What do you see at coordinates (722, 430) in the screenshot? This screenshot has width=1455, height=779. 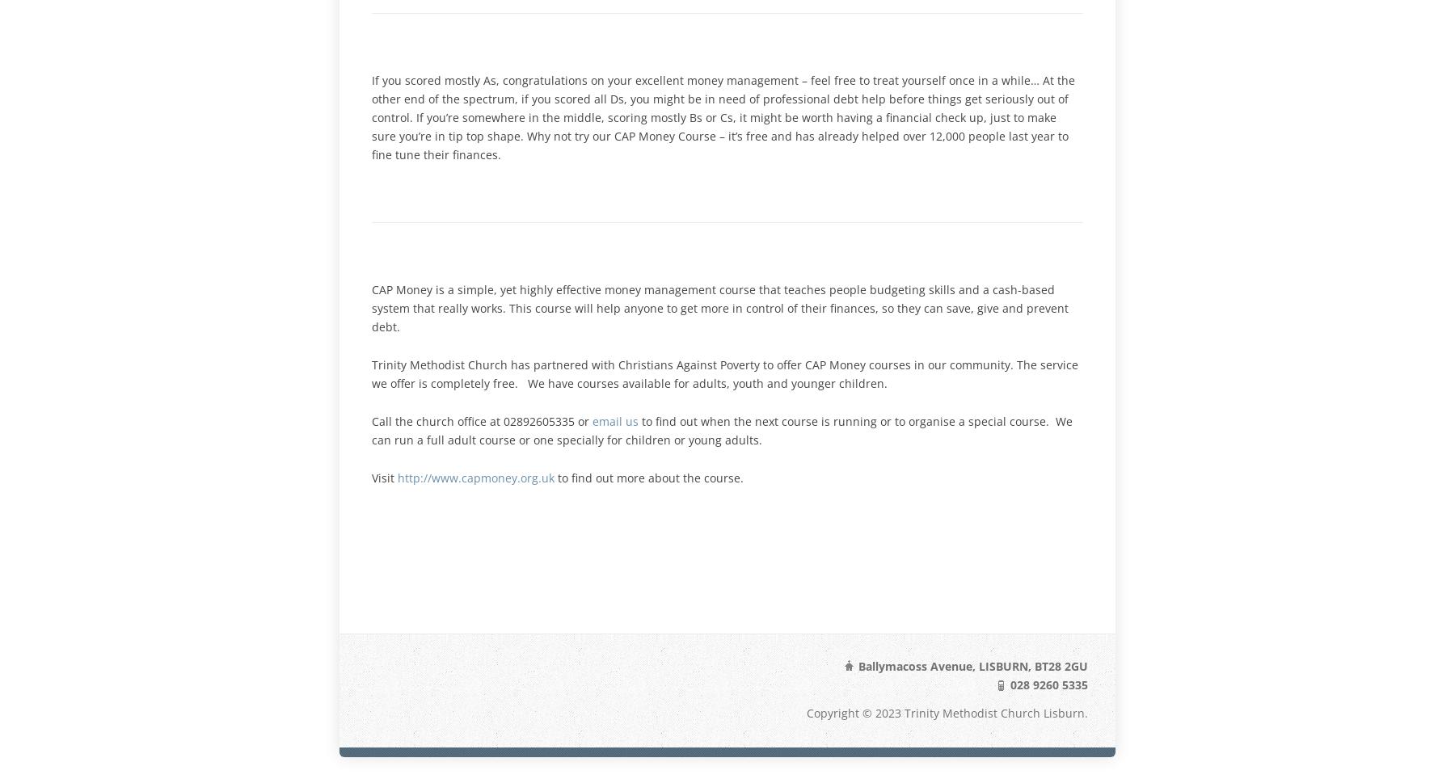 I see `'to find out when the next course is running or to organise a special course.  We can run a full adult course or one specially for children or young adults.'` at bounding box center [722, 430].